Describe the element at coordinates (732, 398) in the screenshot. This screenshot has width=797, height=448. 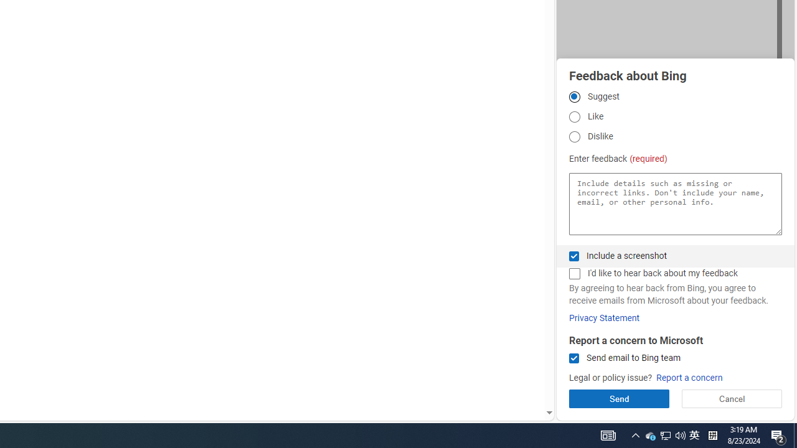
I see `'Cancel'` at that location.